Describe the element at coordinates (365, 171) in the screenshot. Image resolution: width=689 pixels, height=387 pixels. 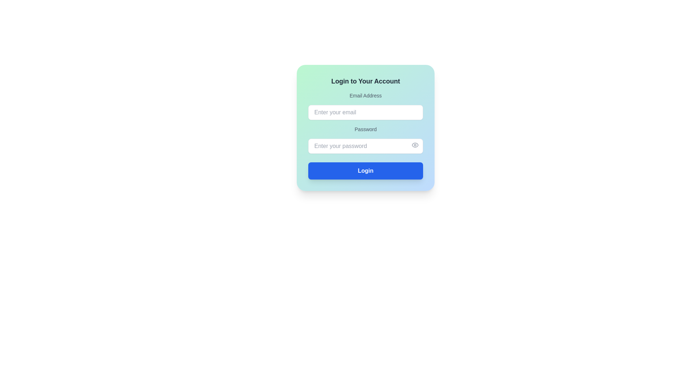
I see `the submit button located at the bottom of the login form` at that location.